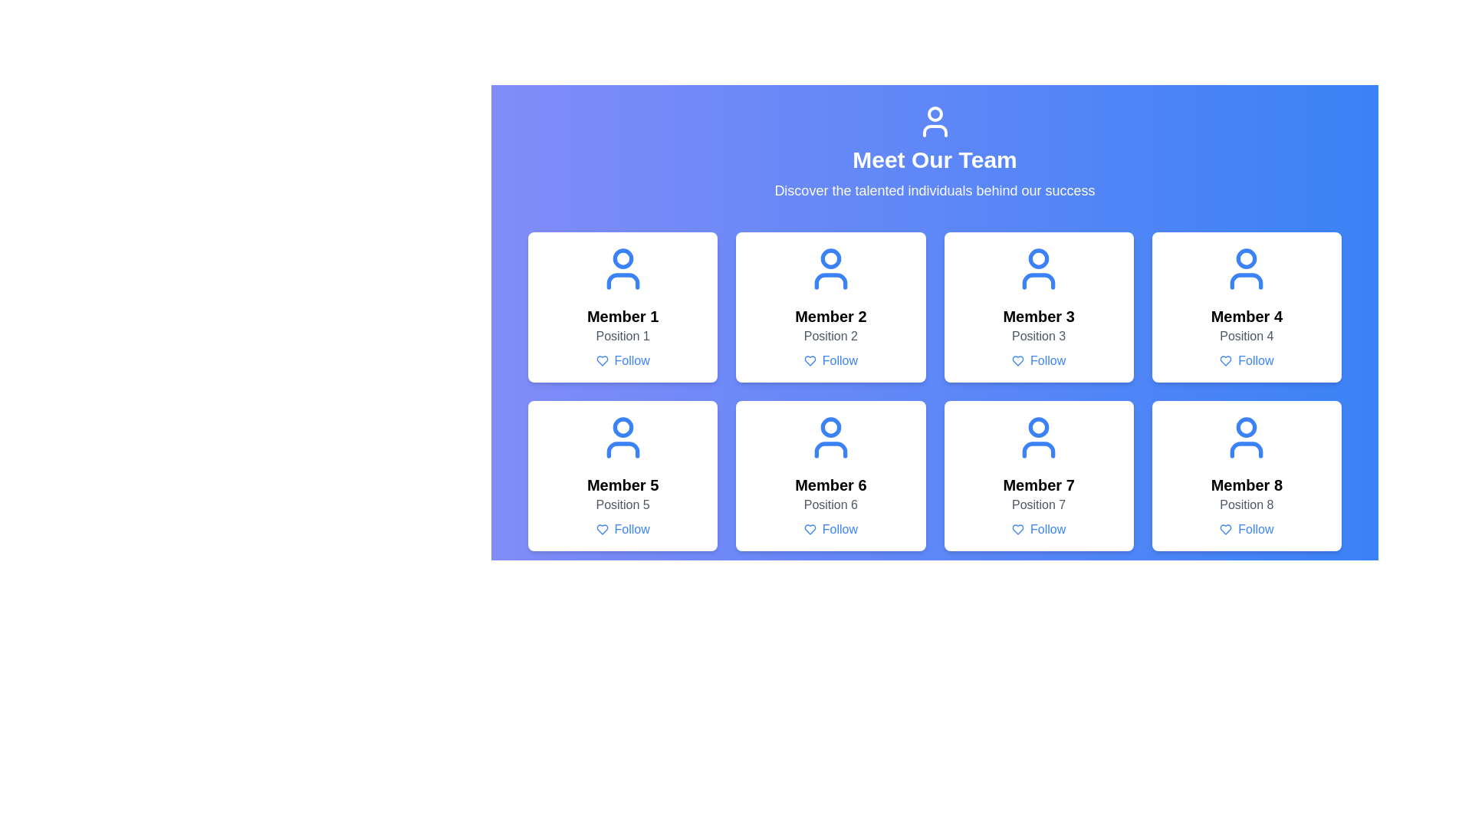 The height and width of the screenshot is (828, 1472). Describe the element at coordinates (623, 528) in the screenshot. I see `the 'Follow' button, which is styled with blue text and a heart icon, located at the bottom of the card for 'Member 5'` at that location.